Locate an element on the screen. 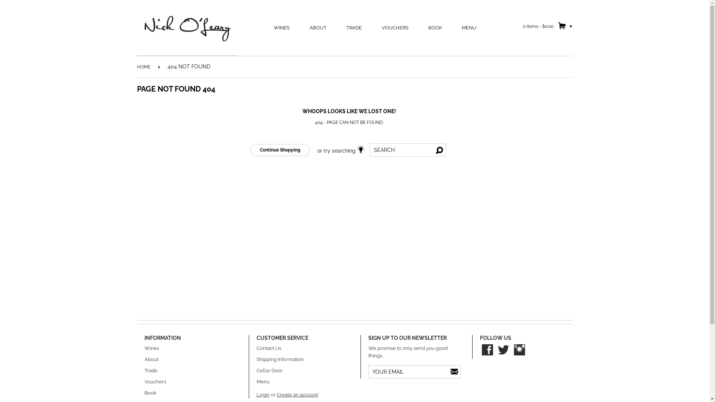 This screenshot has height=402, width=715. 'Shipping Information' is located at coordinates (279, 359).